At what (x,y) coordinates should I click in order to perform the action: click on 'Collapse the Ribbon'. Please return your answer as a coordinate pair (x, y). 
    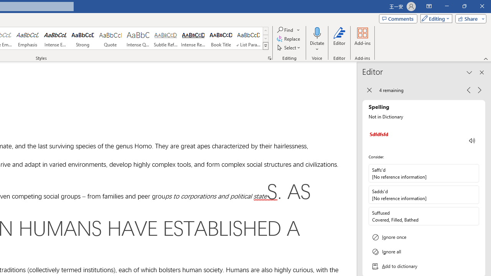
    Looking at the image, I should click on (486, 58).